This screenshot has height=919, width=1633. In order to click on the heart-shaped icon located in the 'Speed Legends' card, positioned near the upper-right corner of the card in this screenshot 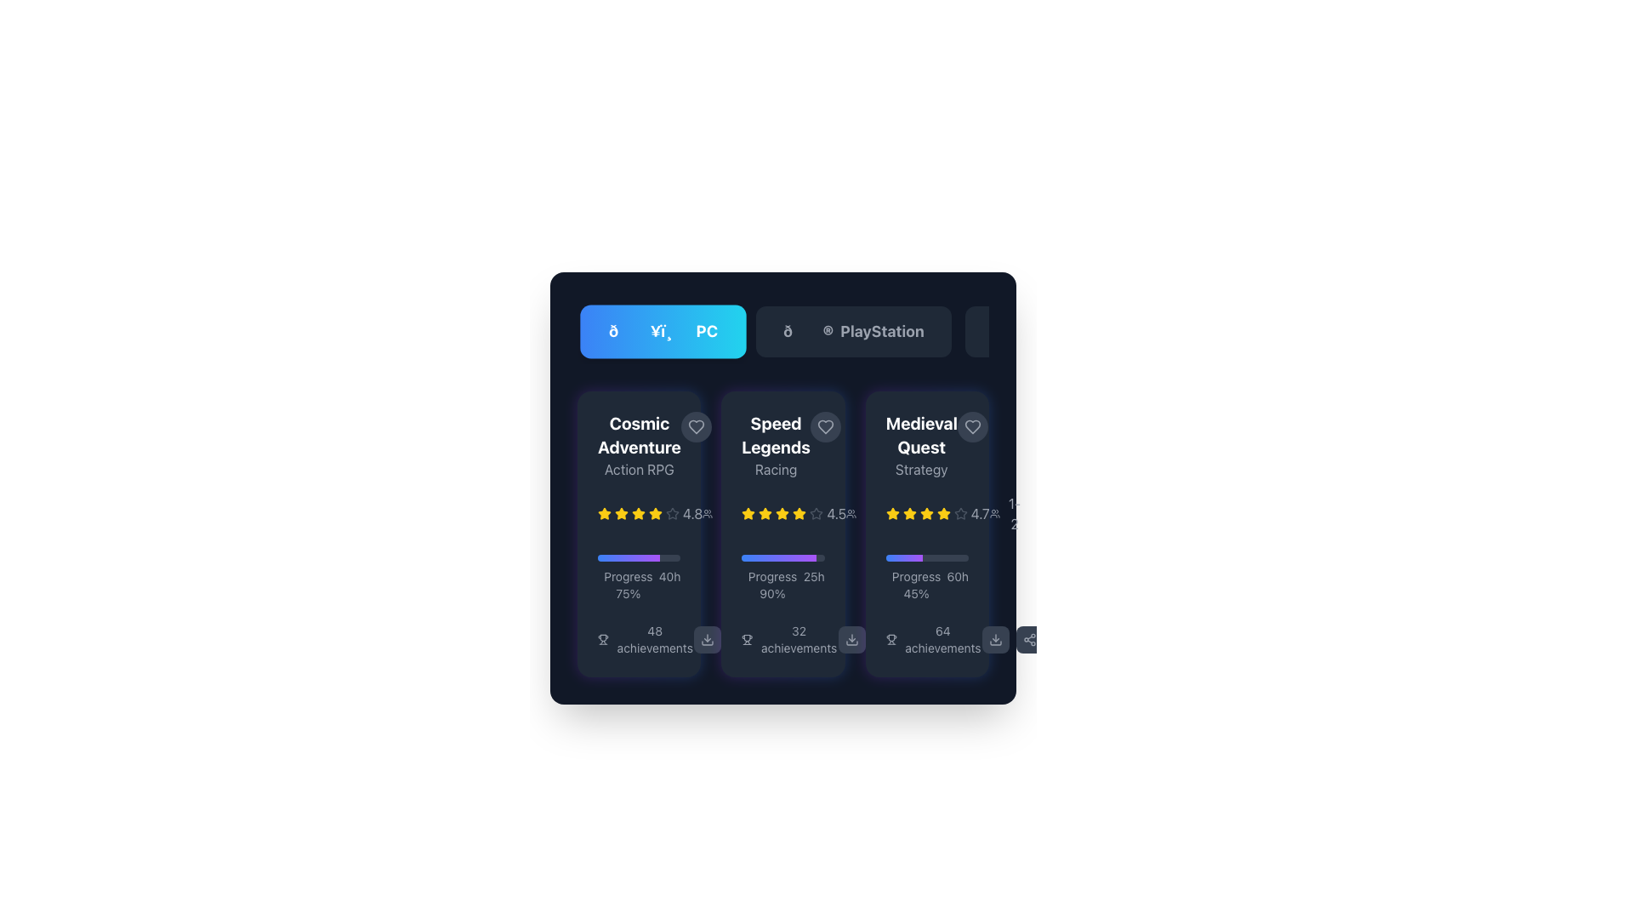, I will do `click(825, 425)`.